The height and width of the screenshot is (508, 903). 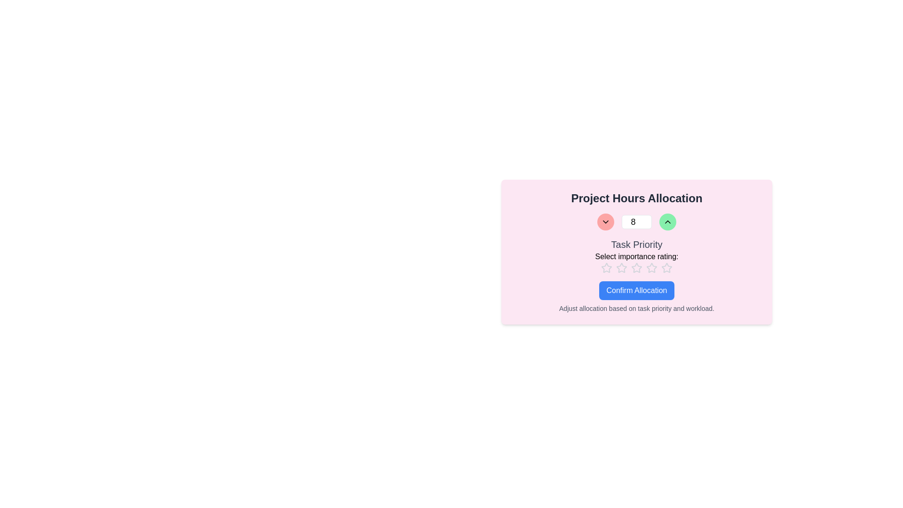 I want to click on the downward-pointing chevron icon button, which is encapsulated in a circular red button, so click(x=605, y=222).